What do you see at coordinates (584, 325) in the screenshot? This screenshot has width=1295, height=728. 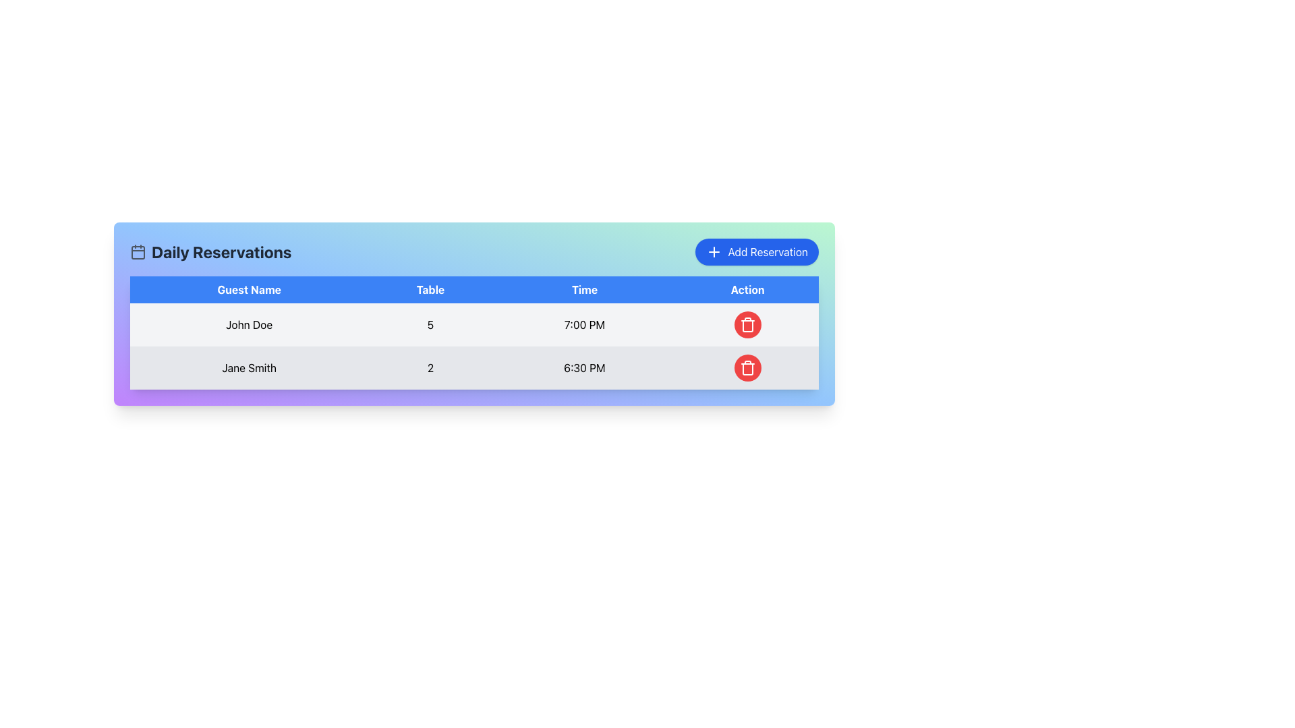 I see `the Text Label displaying the reservation time for a guest, which is located in the third column of the first row of the 'Daily Reservations' table, positioned between the table number '5' and an action button with a red background and a trash bin icon` at bounding box center [584, 325].